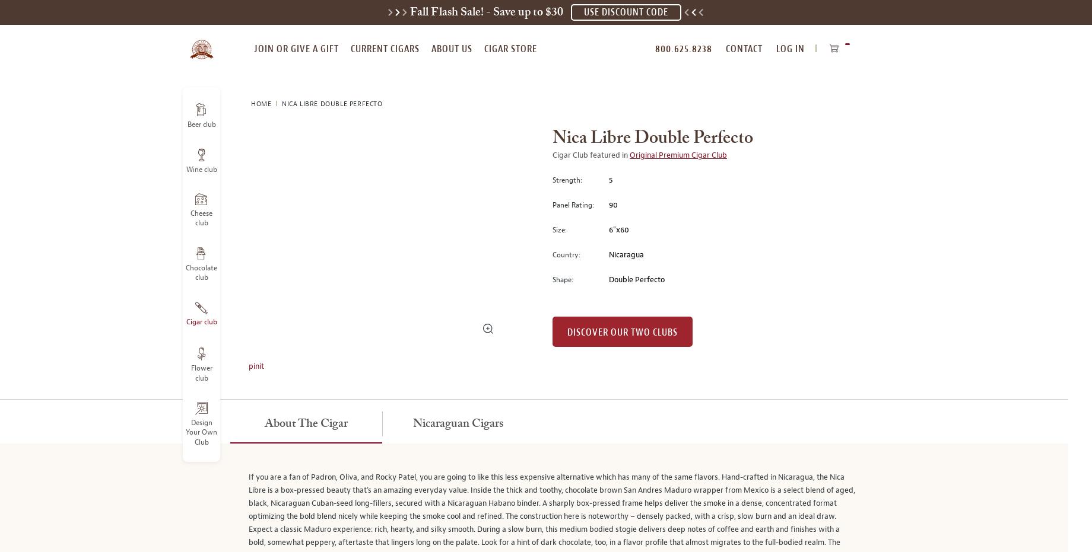  Describe the element at coordinates (264, 423) in the screenshot. I see `'About the Cigar'` at that location.